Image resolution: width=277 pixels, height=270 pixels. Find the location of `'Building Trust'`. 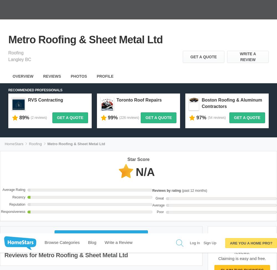

'Building Trust' is located at coordinates (86, 243).